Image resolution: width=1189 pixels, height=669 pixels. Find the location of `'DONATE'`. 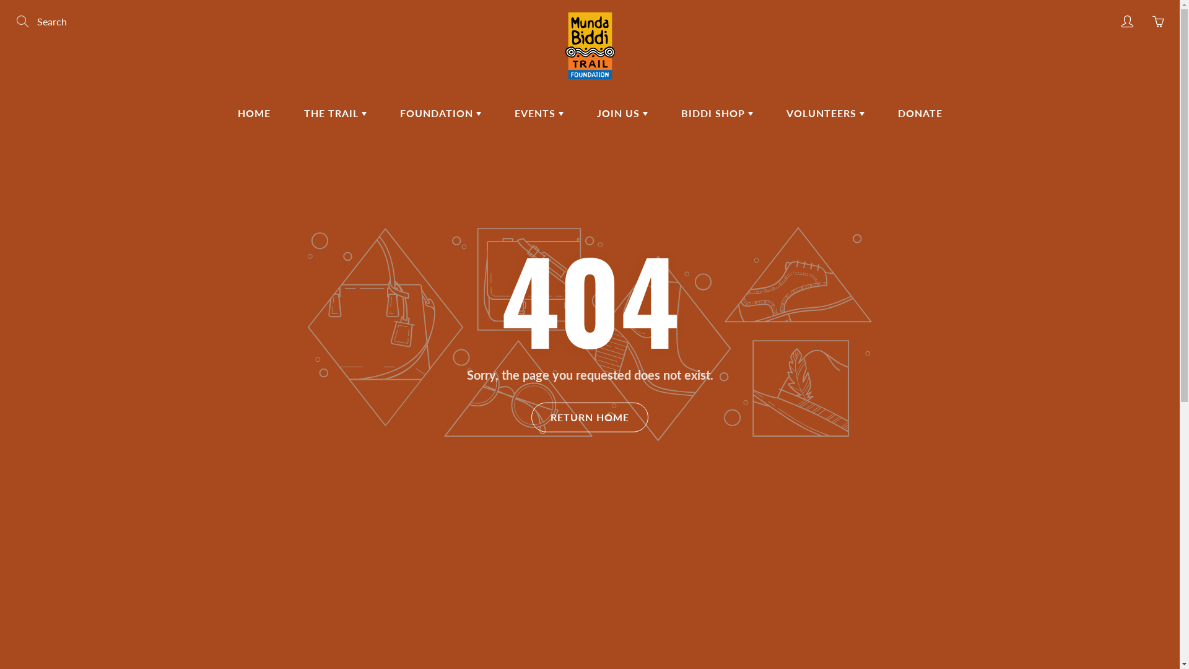

'DONATE' is located at coordinates (919, 113).